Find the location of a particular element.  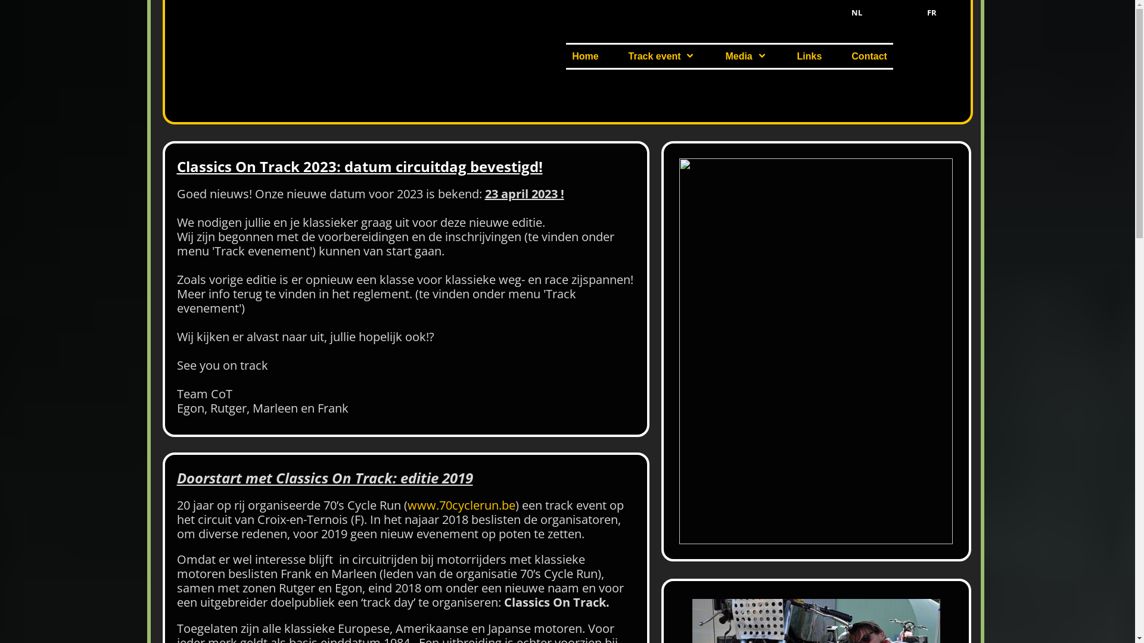

'Track event' is located at coordinates (661, 56).